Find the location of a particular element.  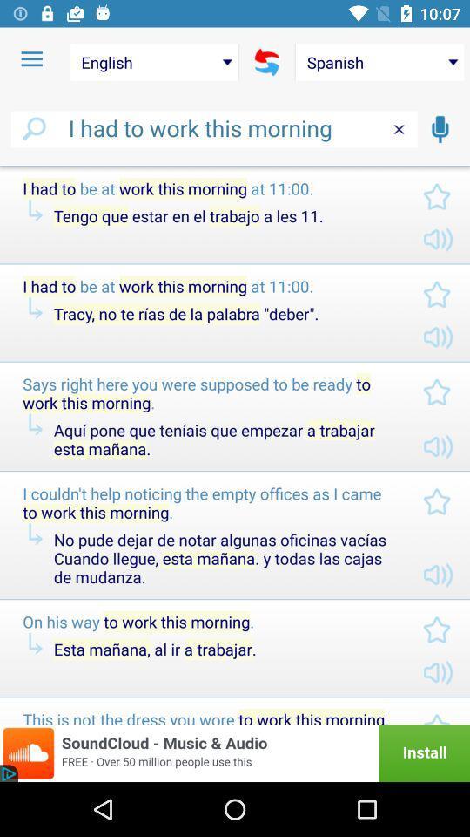

the icon to the left of the spanish icon is located at coordinates (266, 62).